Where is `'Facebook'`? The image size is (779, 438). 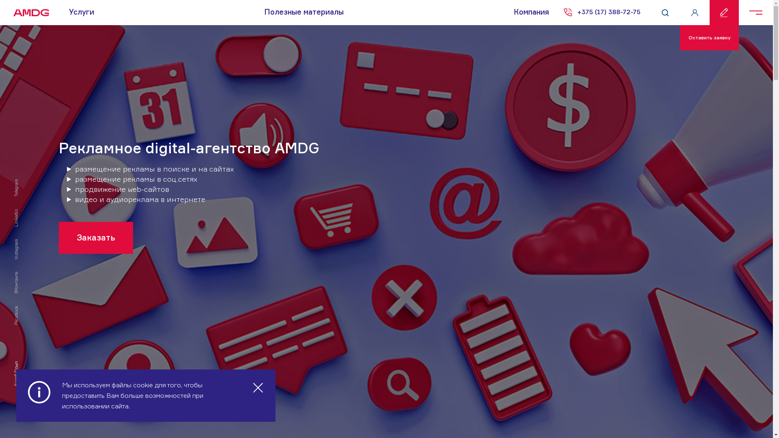 'Facebook' is located at coordinates (23, 308).